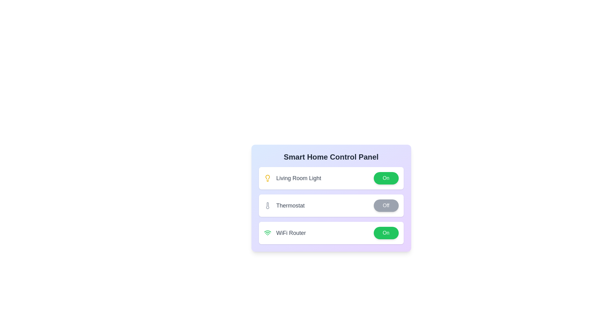 The image size is (599, 336). I want to click on the 'On/Off' button to toggle the device status, so click(386, 178).